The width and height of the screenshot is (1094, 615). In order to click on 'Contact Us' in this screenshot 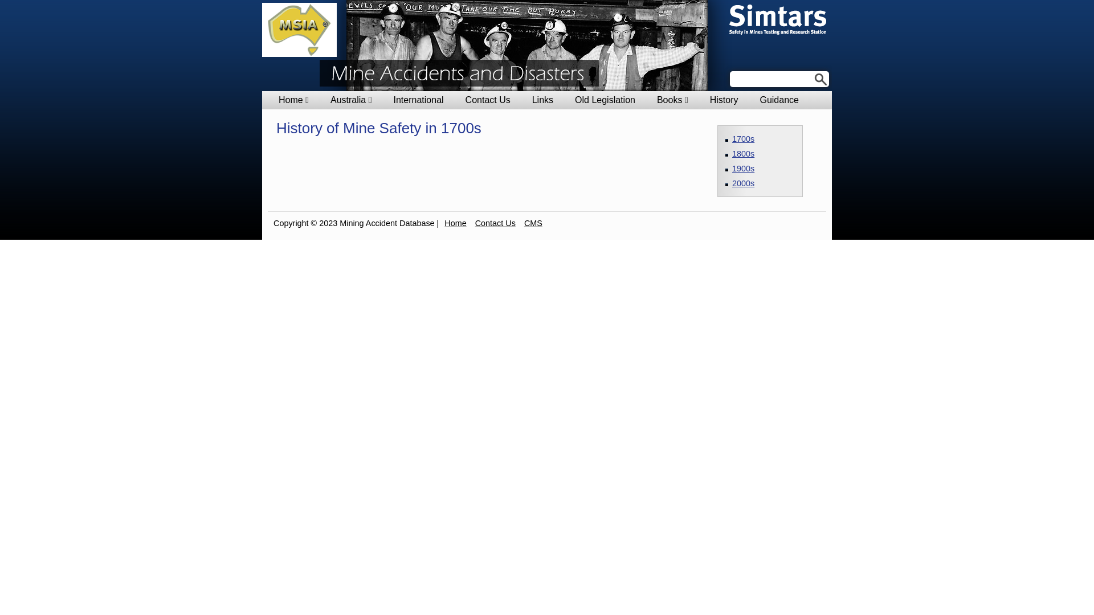, I will do `click(465, 100)`.